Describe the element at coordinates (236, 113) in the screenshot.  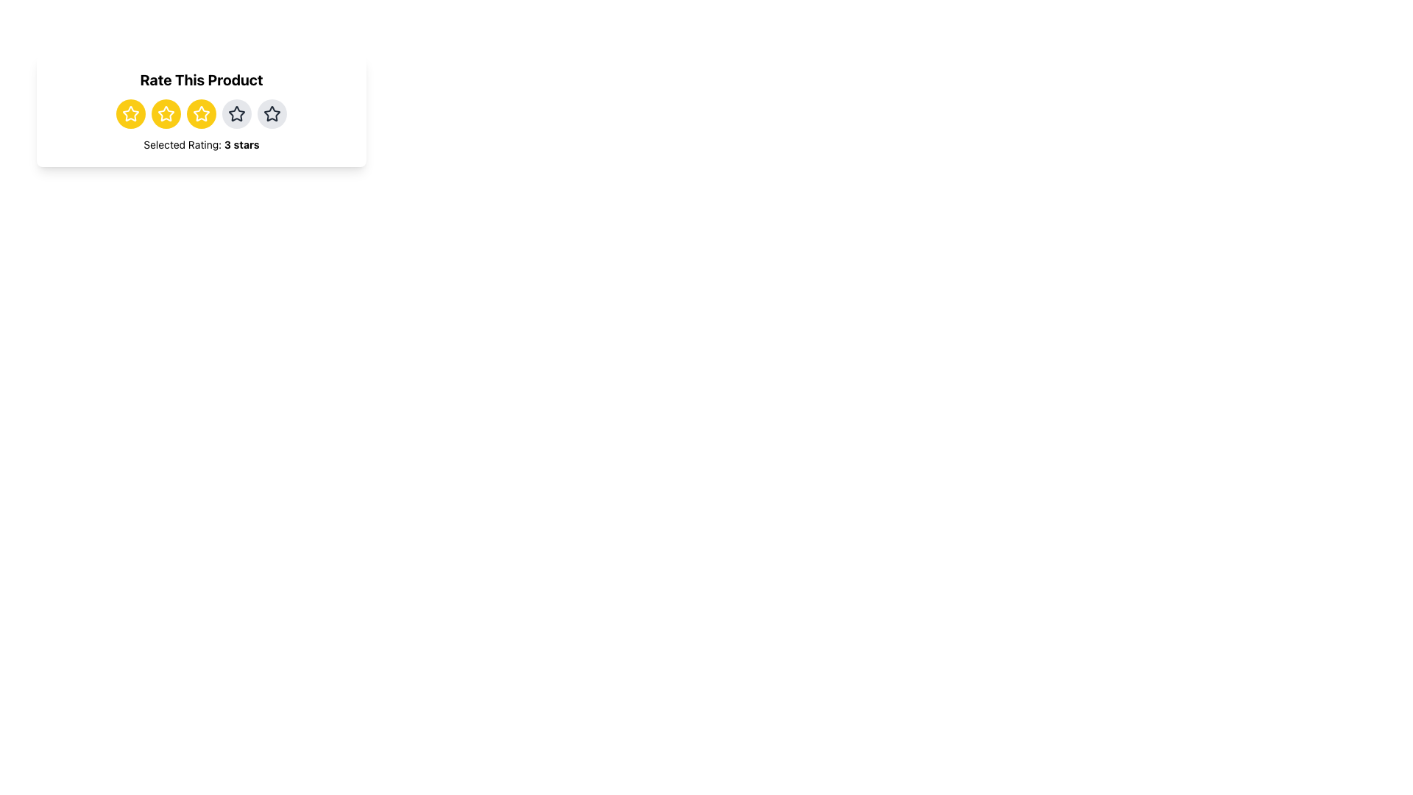
I see `the third star icon in the horizontal row that serves as a rating indicator` at that location.